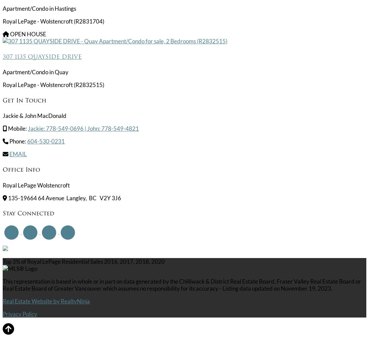 Image resolution: width=369 pixels, height=337 pixels. I want to click on 'Jackie & John MacDonald', so click(34, 115).